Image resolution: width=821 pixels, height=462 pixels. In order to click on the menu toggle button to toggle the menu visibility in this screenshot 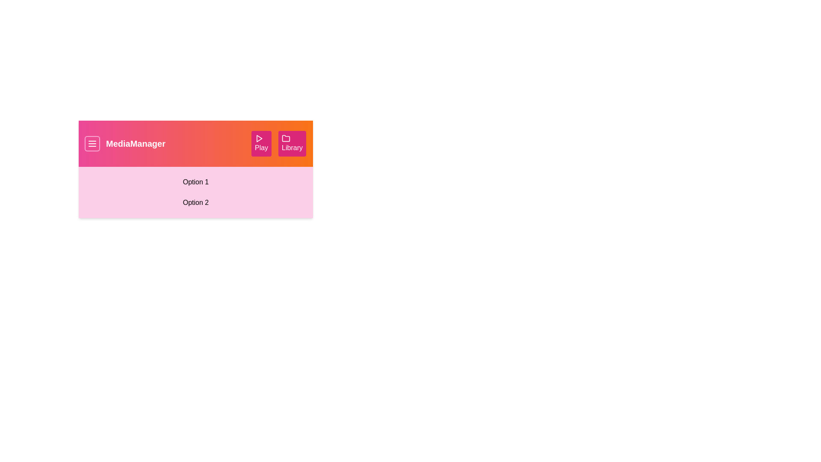, I will do `click(92, 143)`.